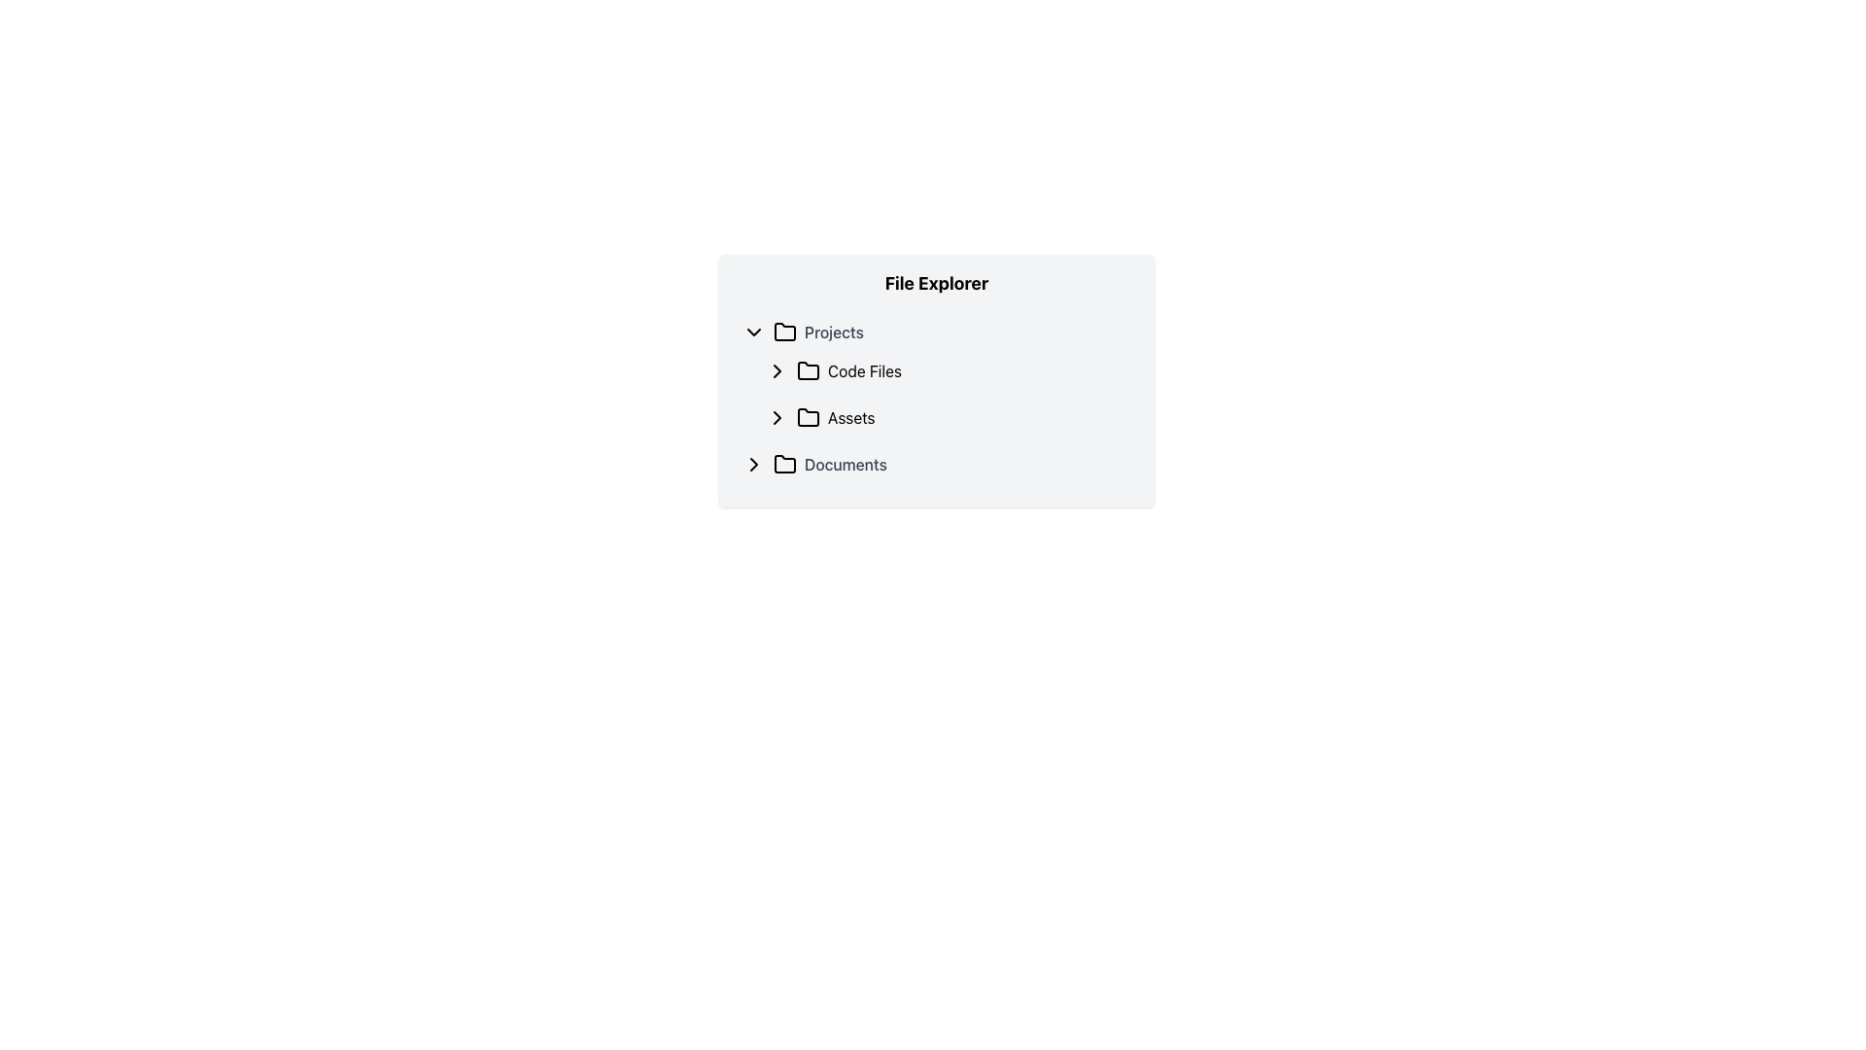 The height and width of the screenshot is (1050, 1866). What do you see at coordinates (777, 416) in the screenshot?
I see `the rightward-facing chevron icon button located at the start of the 'Assets' row to indicate interactivity` at bounding box center [777, 416].